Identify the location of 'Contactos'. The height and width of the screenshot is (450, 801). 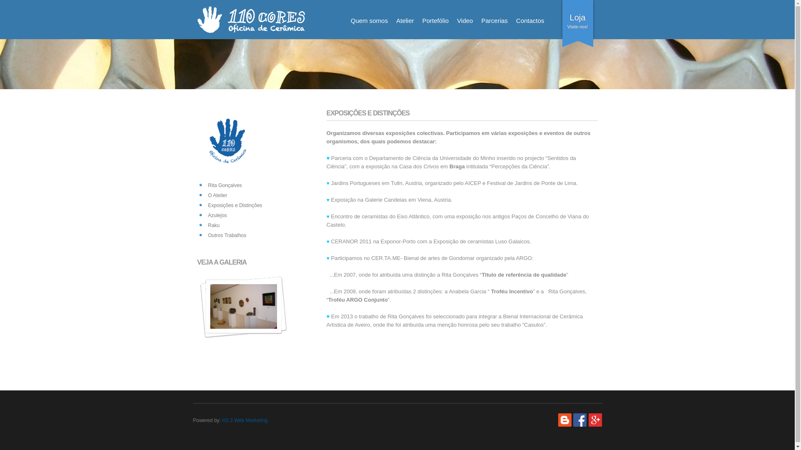
(530, 23).